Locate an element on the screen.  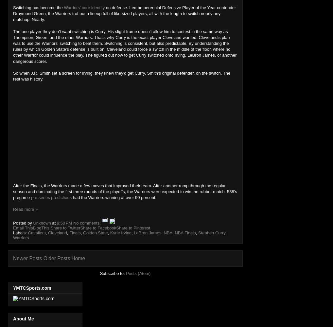
'Share to Facebook' is located at coordinates (98, 228).